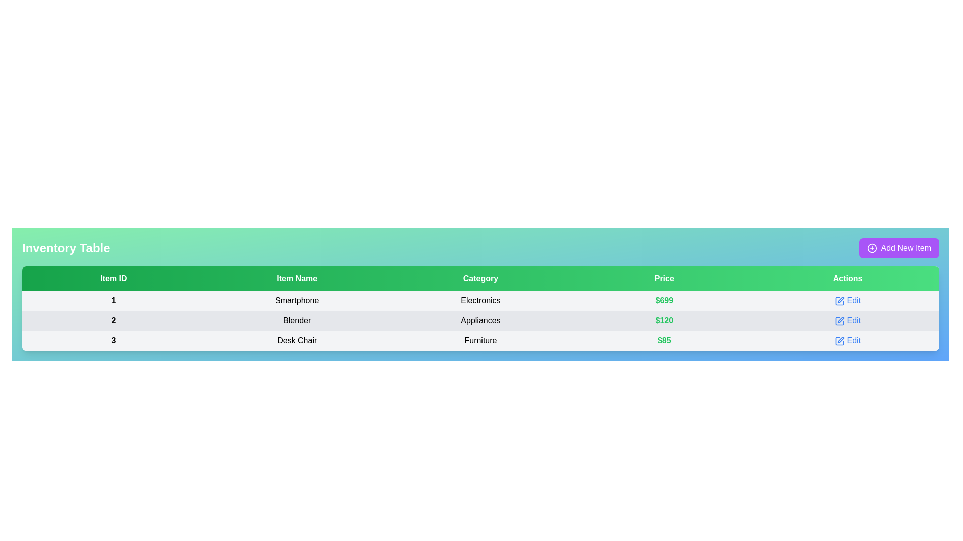 The width and height of the screenshot is (963, 541). What do you see at coordinates (664, 278) in the screenshot?
I see `the fourth column header labeled 'Price' in the table, which is positioned in the upper-right portion of the interface and serves as a static display element` at bounding box center [664, 278].